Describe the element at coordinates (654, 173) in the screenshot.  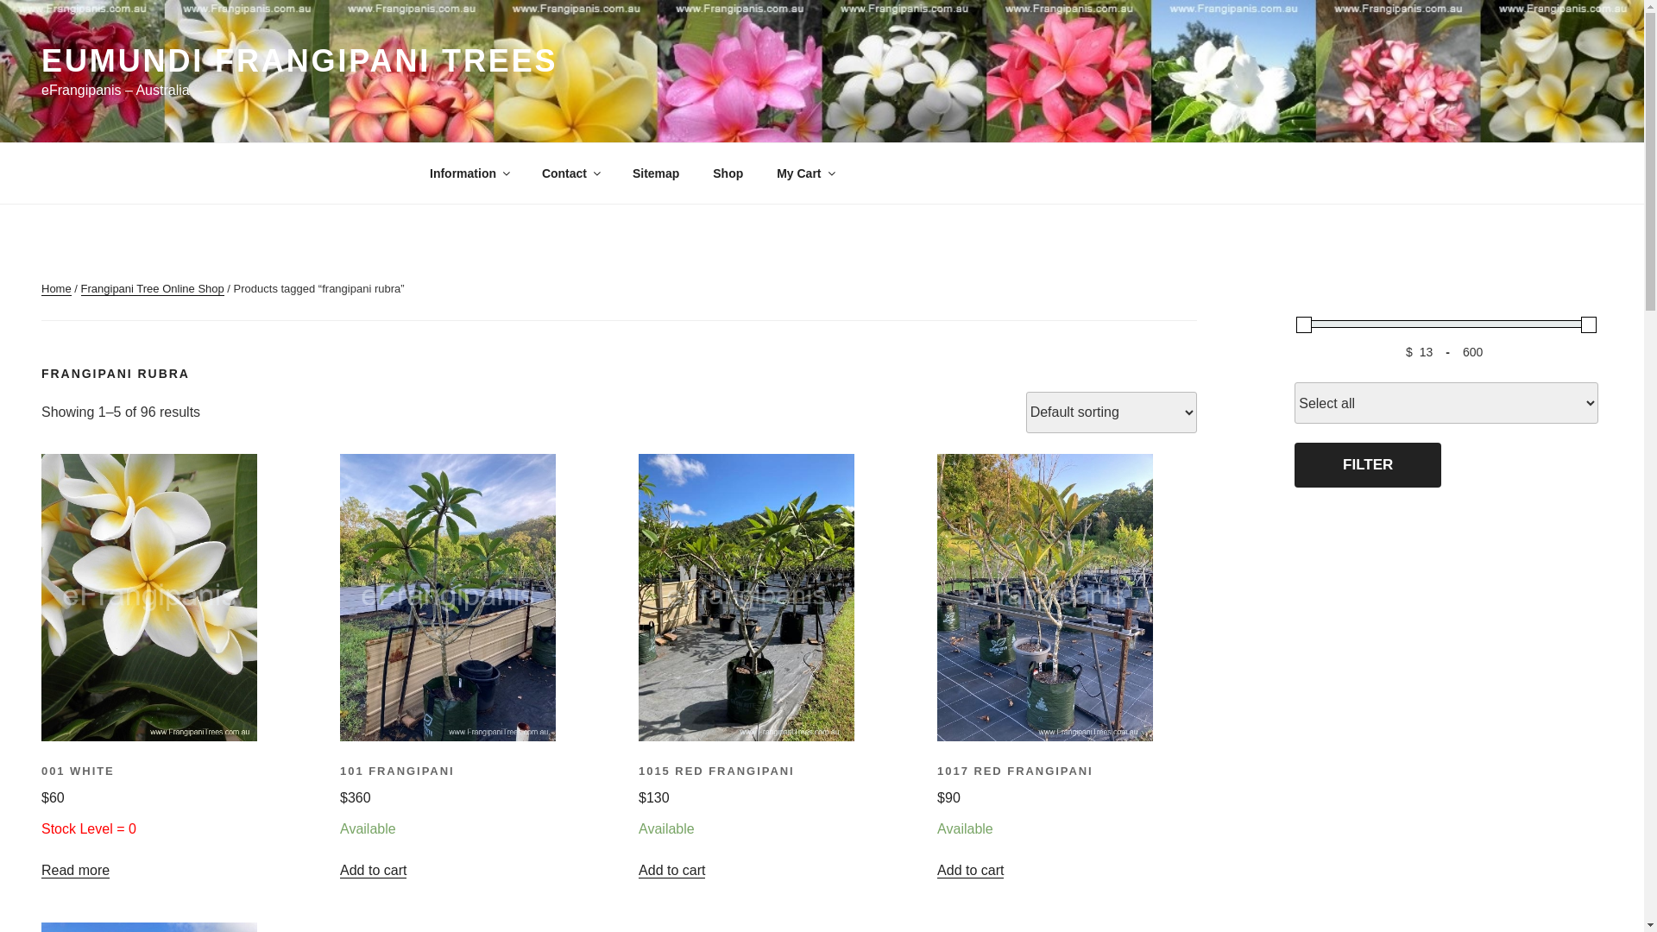
I see `'Sitemap'` at that location.